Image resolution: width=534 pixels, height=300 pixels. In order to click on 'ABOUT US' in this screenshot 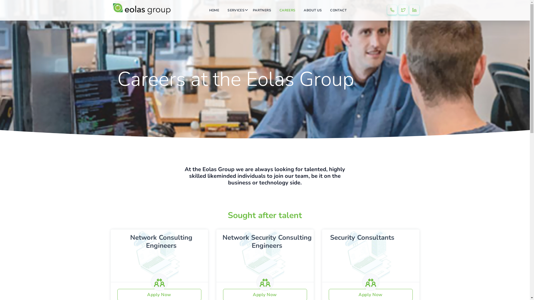, I will do `click(313, 10)`.